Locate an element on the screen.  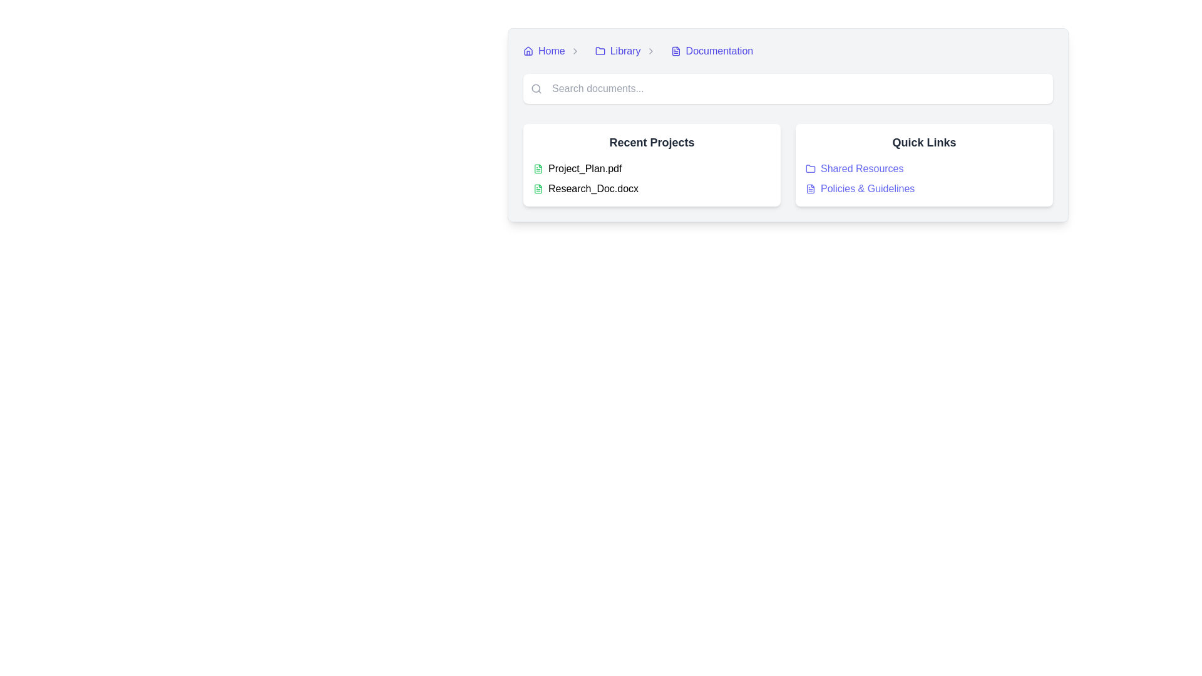
the Library section icon located in the breadcrumb navigation bar, which visually complements the 'Library' text is located at coordinates (599, 50).